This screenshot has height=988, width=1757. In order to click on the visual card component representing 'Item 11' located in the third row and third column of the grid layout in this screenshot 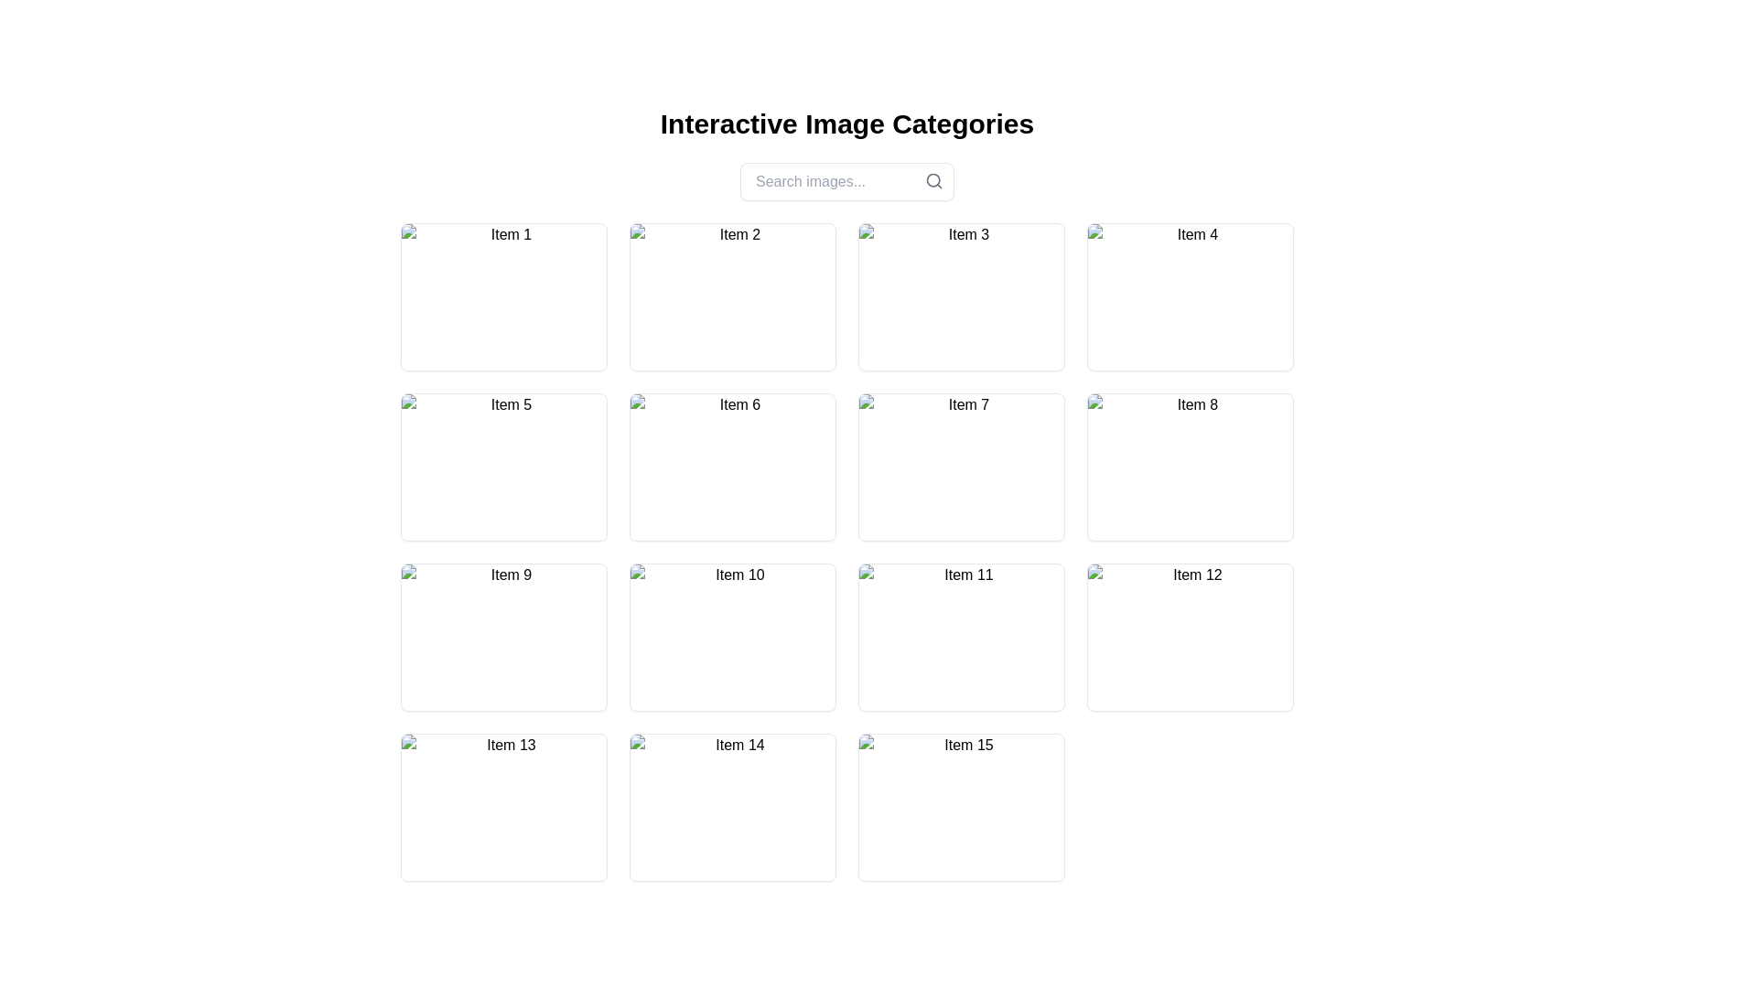, I will do `click(961, 637)`.